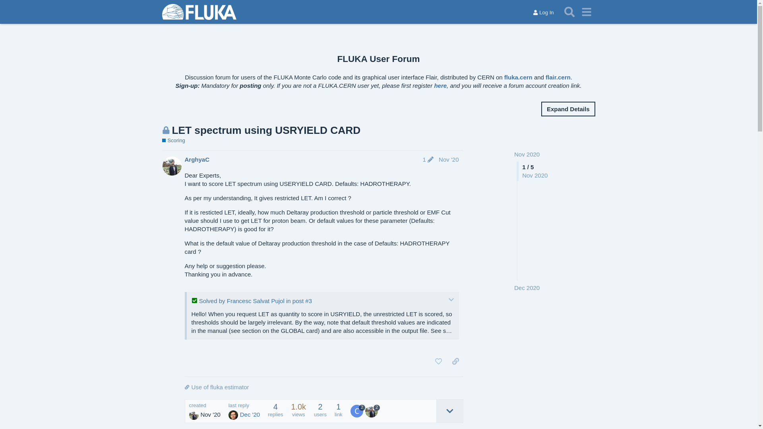  I want to click on 'share a link to this post', so click(455, 361).